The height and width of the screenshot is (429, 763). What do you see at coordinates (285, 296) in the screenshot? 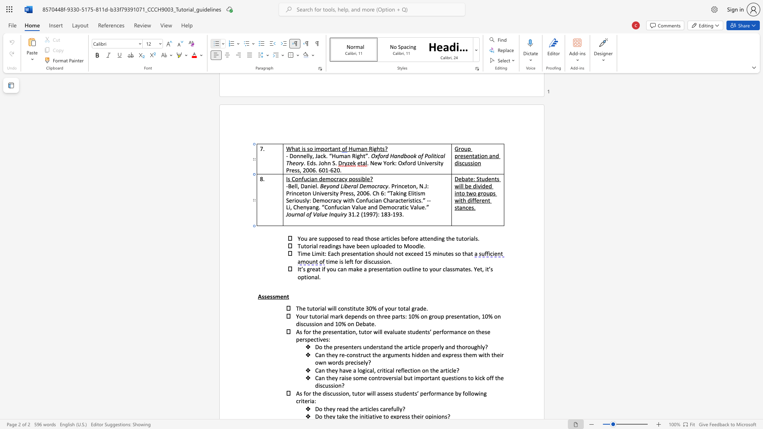
I see `the 1th character "n" in the text` at bounding box center [285, 296].